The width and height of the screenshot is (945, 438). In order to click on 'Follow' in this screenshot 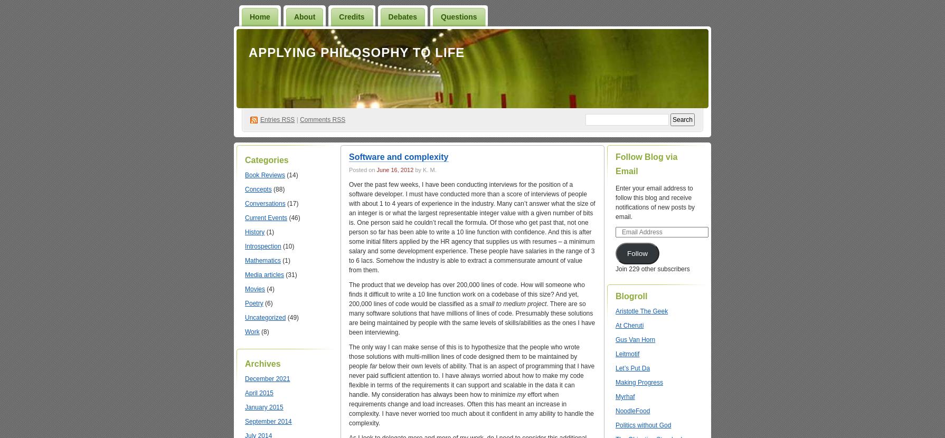, I will do `click(637, 253)`.